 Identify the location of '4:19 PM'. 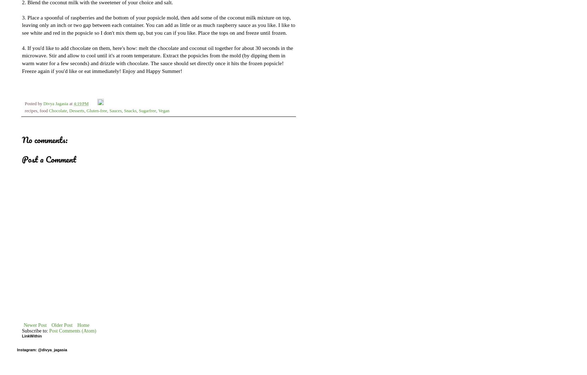
(81, 104).